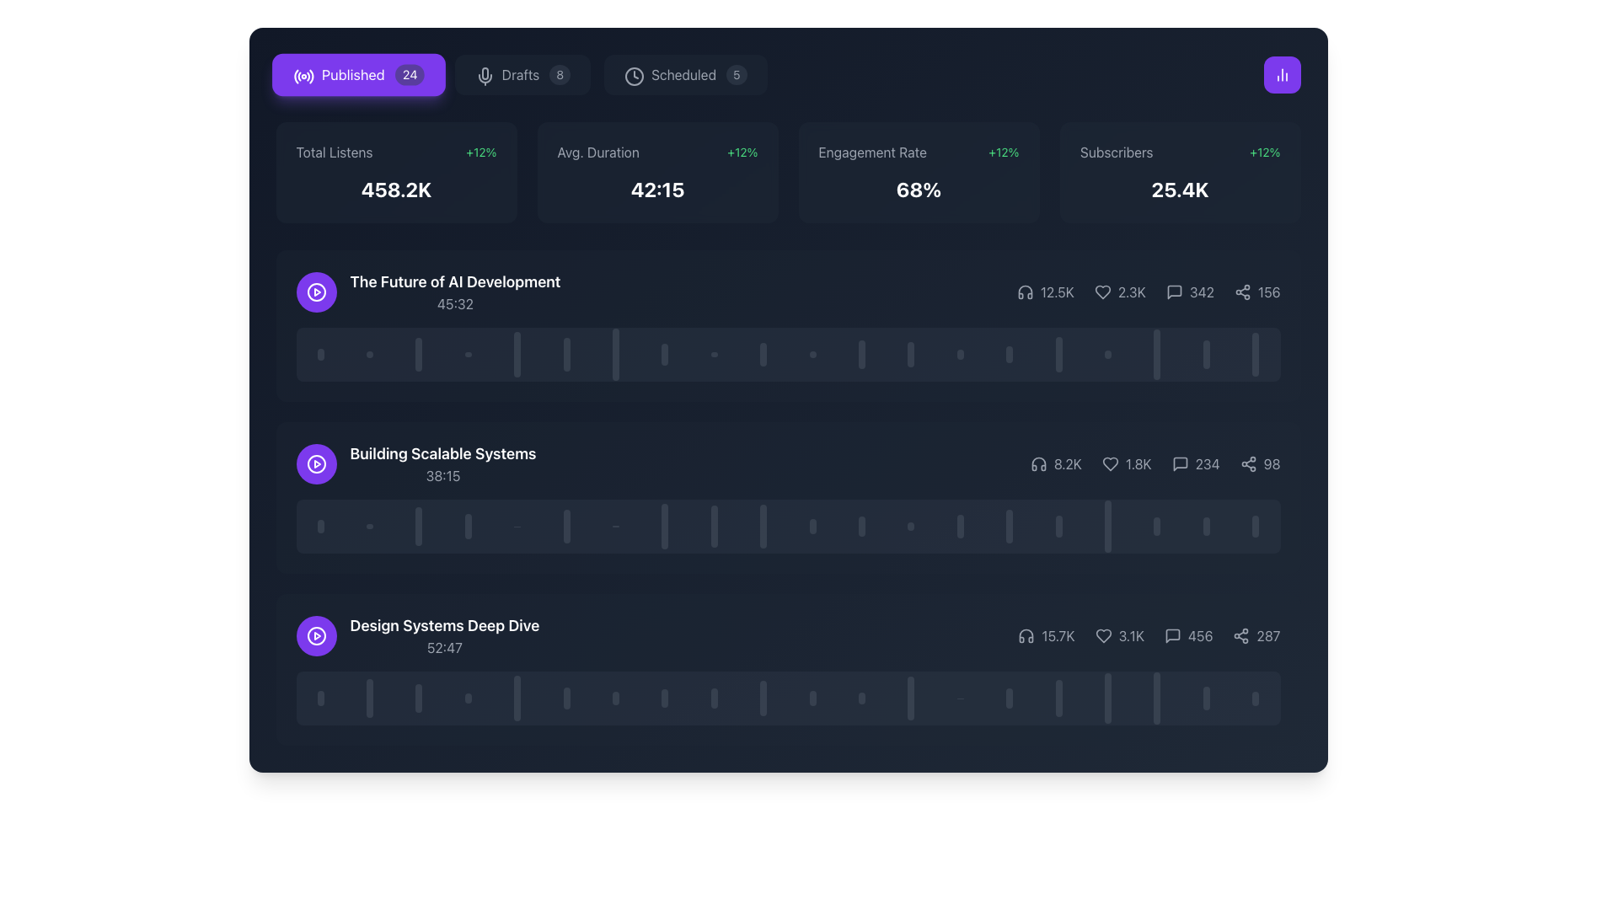 This screenshot has width=1618, height=910. I want to click on the fifth vertical progression bar in the playback timeline of the audio section titled 'The Future of AI Development', which is gray and rounded at the ends, so click(517, 353).